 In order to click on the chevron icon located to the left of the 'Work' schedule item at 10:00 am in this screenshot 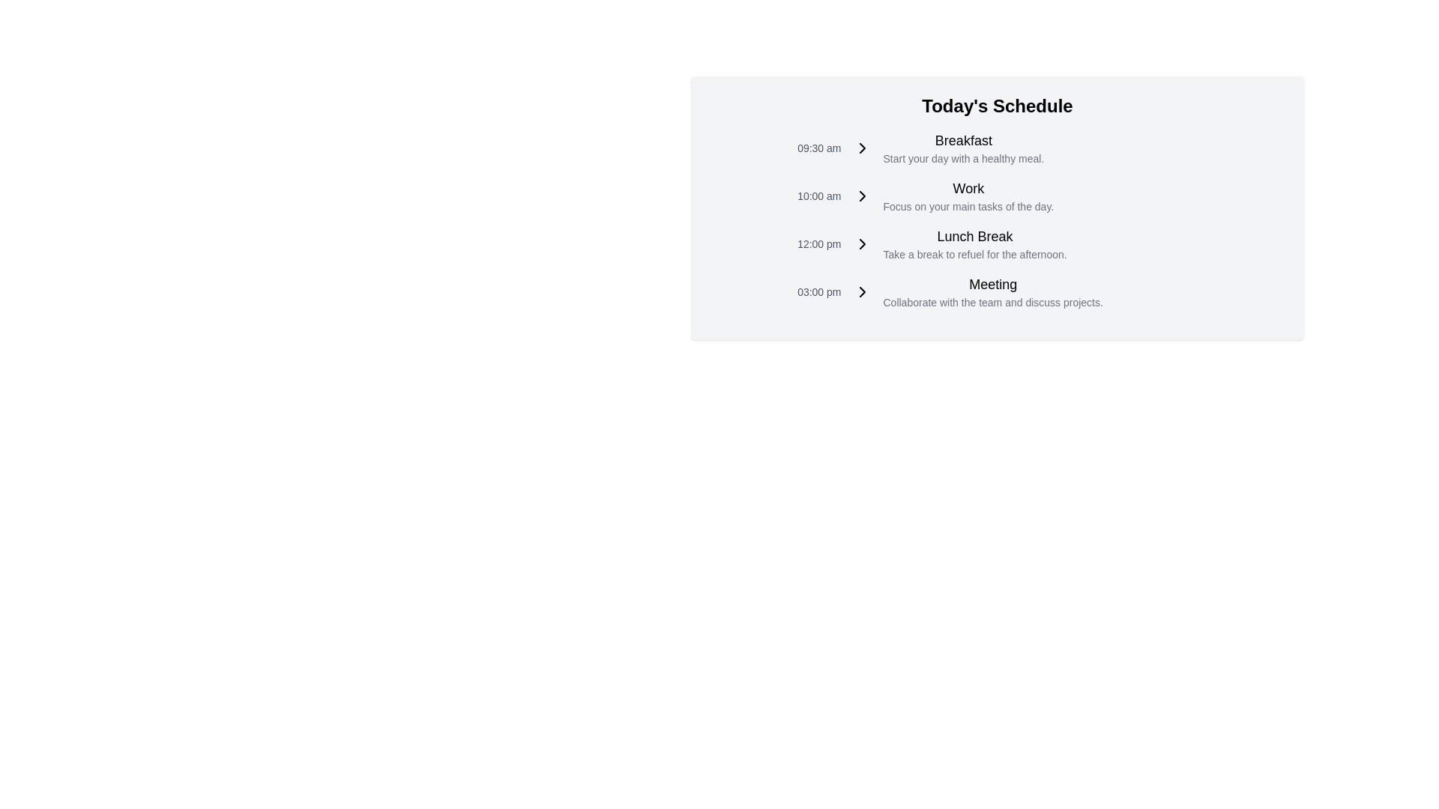, I will do `click(862, 196)`.